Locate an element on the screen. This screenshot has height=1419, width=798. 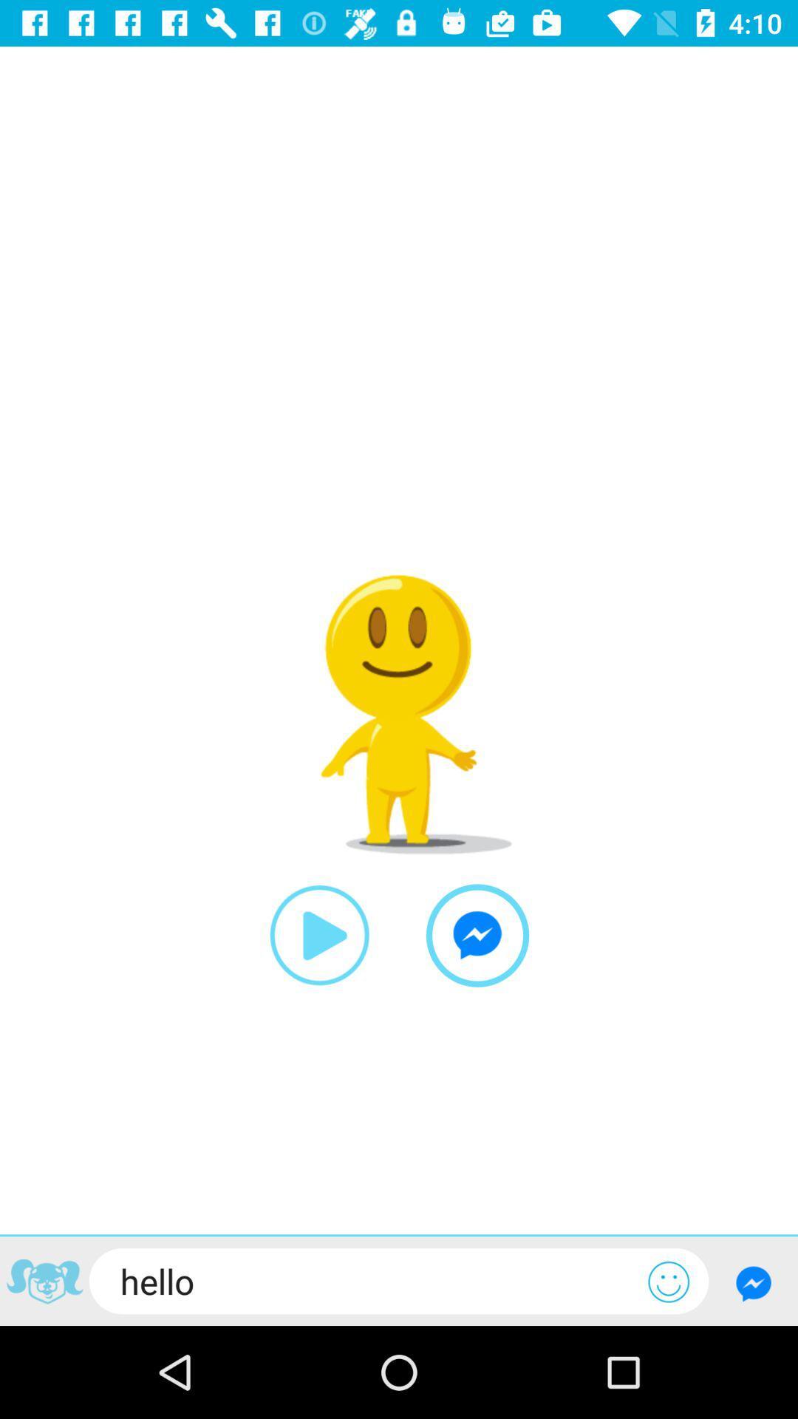
the item to the right of hello is located at coordinates (669, 1281).